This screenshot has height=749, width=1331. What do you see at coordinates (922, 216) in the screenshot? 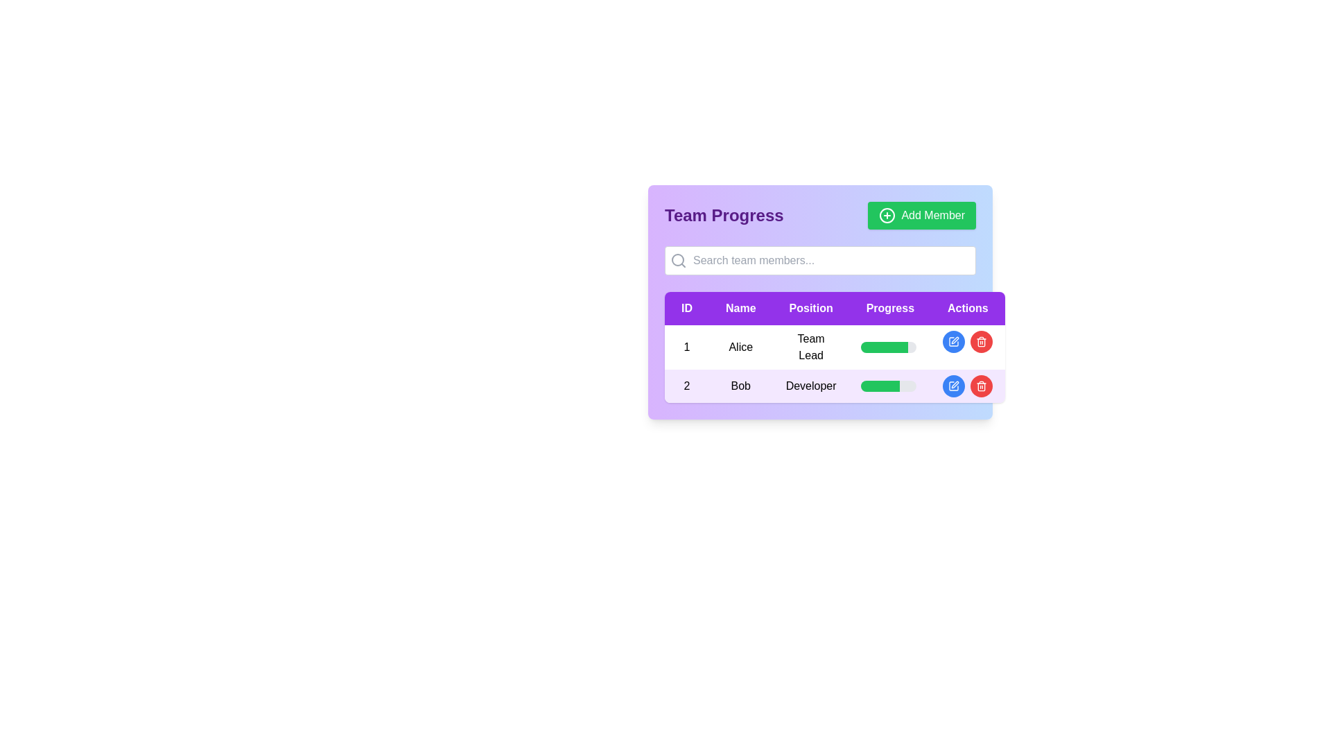
I see `the 'Add Member' button with a green background and a plus sign icon` at bounding box center [922, 216].